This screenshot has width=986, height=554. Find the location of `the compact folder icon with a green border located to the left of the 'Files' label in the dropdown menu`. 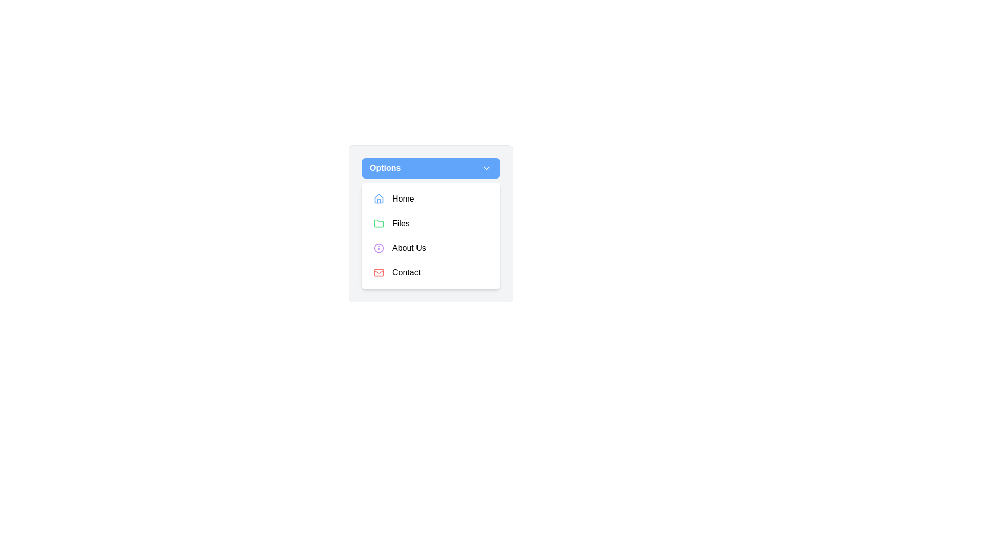

the compact folder icon with a green border located to the left of the 'Files' label in the dropdown menu is located at coordinates (378, 223).